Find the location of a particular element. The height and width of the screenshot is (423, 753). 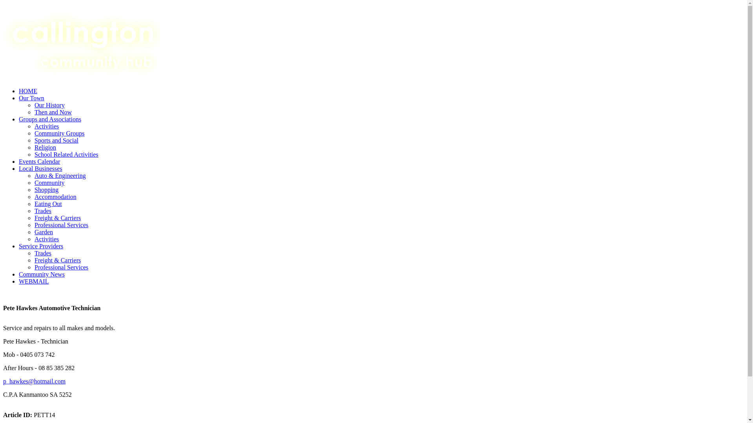

'Trades' is located at coordinates (42, 210).